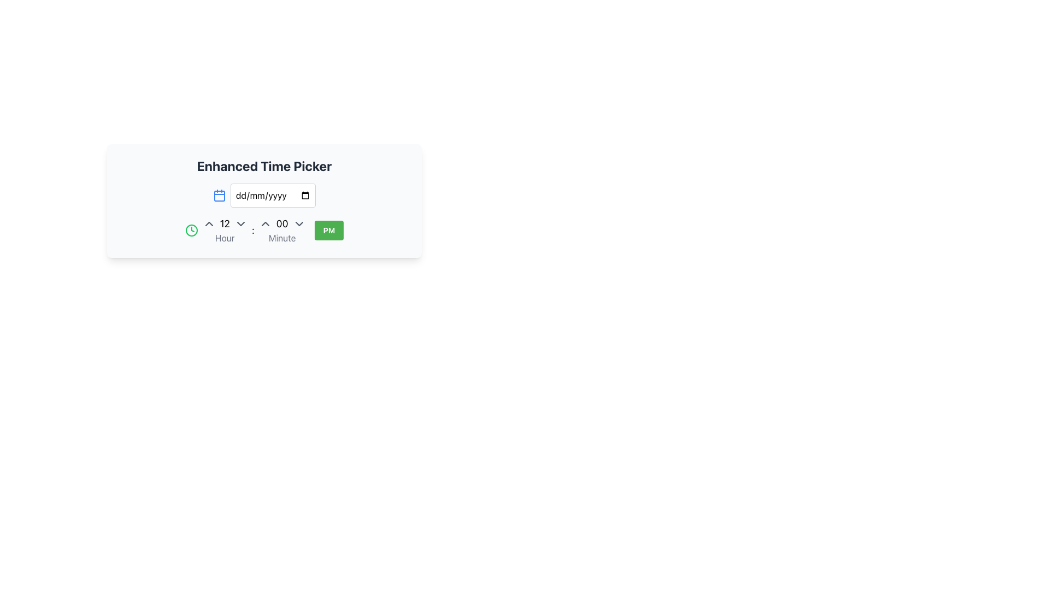 The height and width of the screenshot is (590, 1049). Describe the element at coordinates (264, 214) in the screenshot. I see `the minutes section of the Time Picker element located in the Enhanced Time Picker panel to change the minute value` at that location.